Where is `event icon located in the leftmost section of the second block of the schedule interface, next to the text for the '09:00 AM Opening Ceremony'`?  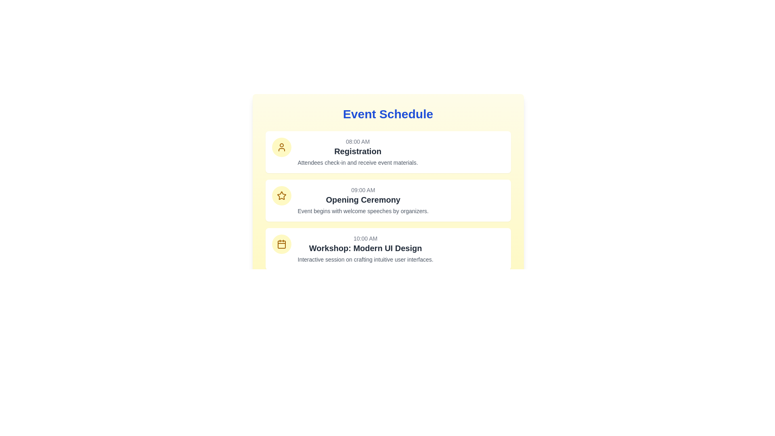
event icon located in the leftmost section of the second block of the schedule interface, next to the text for the '09:00 AM Opening Ceremony' is located at coordinates (281, 196).